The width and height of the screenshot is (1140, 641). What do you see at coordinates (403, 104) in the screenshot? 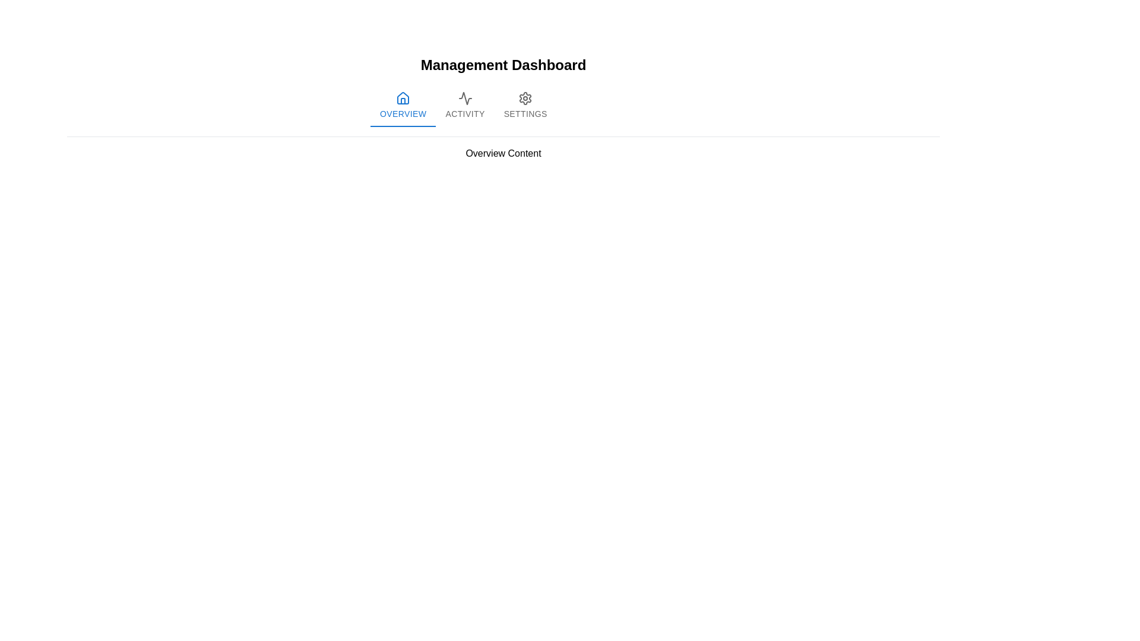
I see `the highlighted 'Overview' tab button, which is a rectangular button displaying the text 'Overview' in uppercase and a house-shaped icon above it, located at the leftmost position in the tab menu` at bounding box center [403, 104].